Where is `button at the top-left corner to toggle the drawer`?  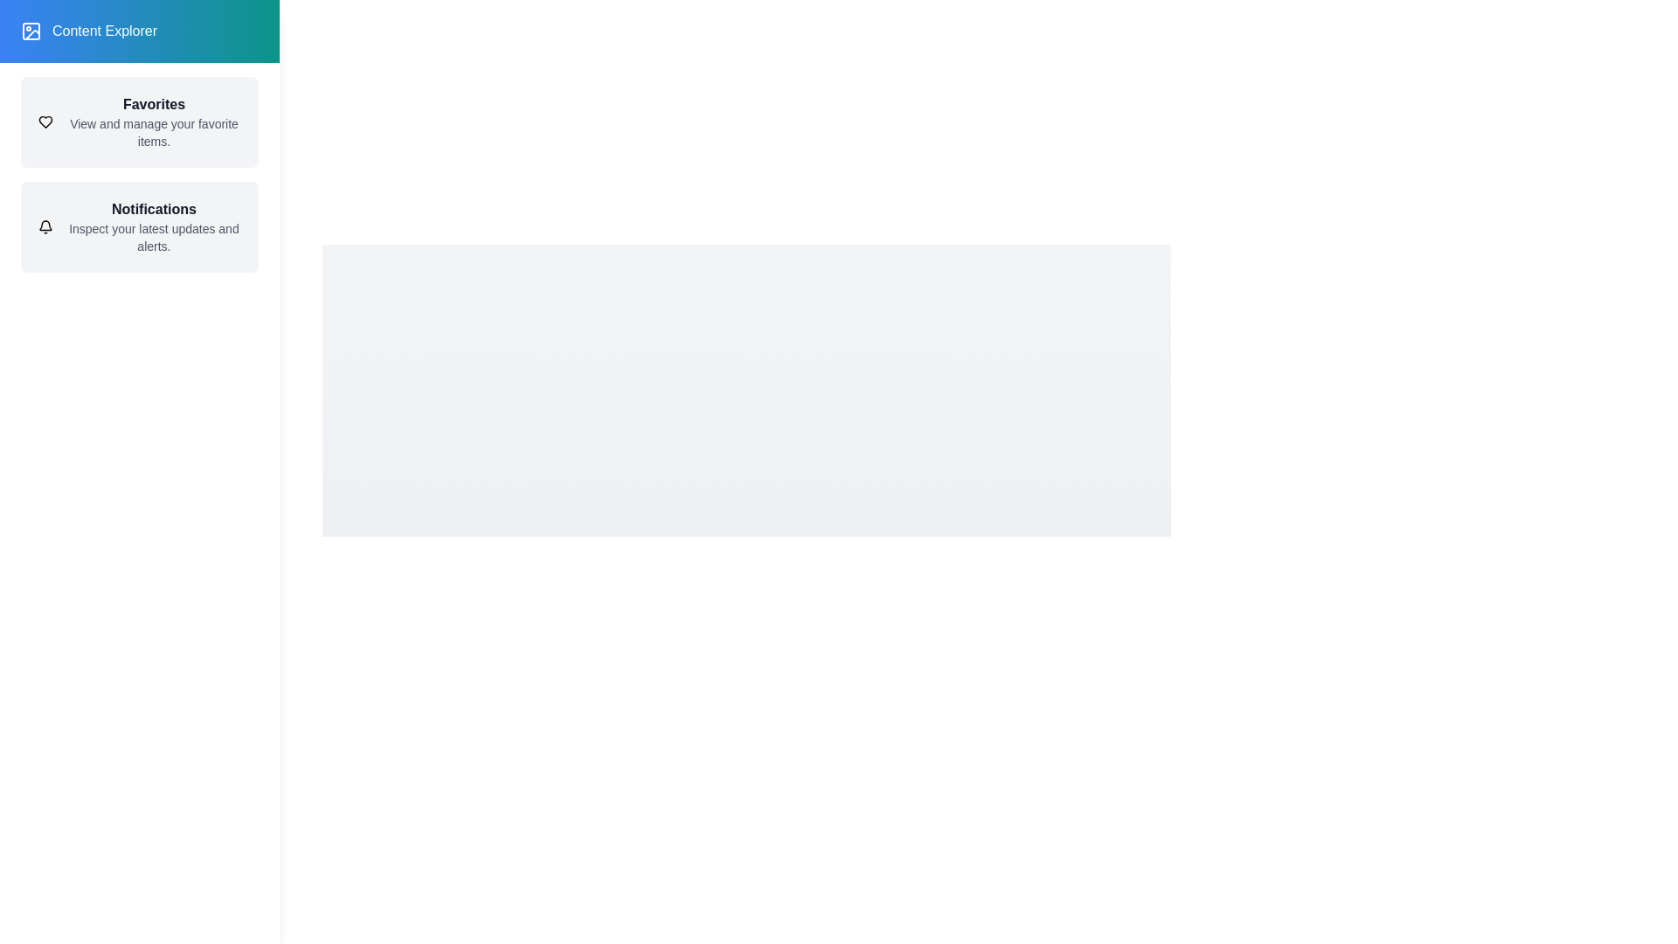 button at the top-left corner to toggle the drawer is located at coordinates (51, 48).